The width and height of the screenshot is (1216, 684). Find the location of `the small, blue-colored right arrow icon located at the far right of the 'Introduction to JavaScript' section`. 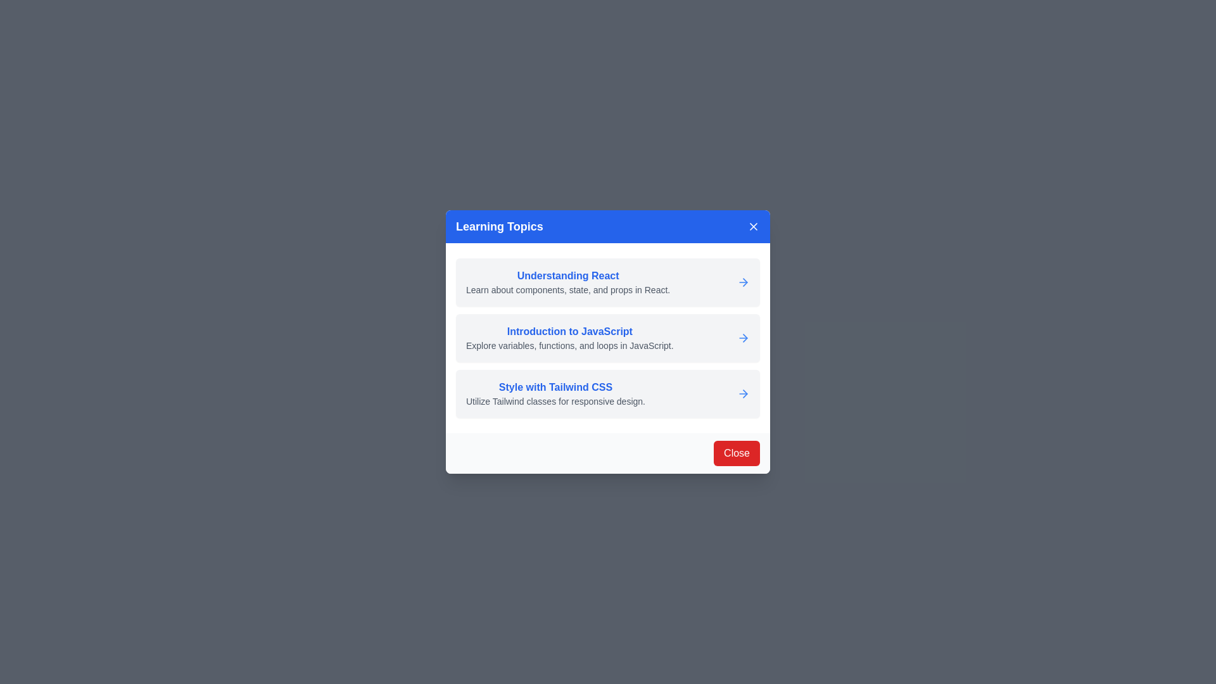

the small, blue-colored right arrow icon located at the far right of the 'Introduction to JavaScript' section is located at coordinates (744, 337).